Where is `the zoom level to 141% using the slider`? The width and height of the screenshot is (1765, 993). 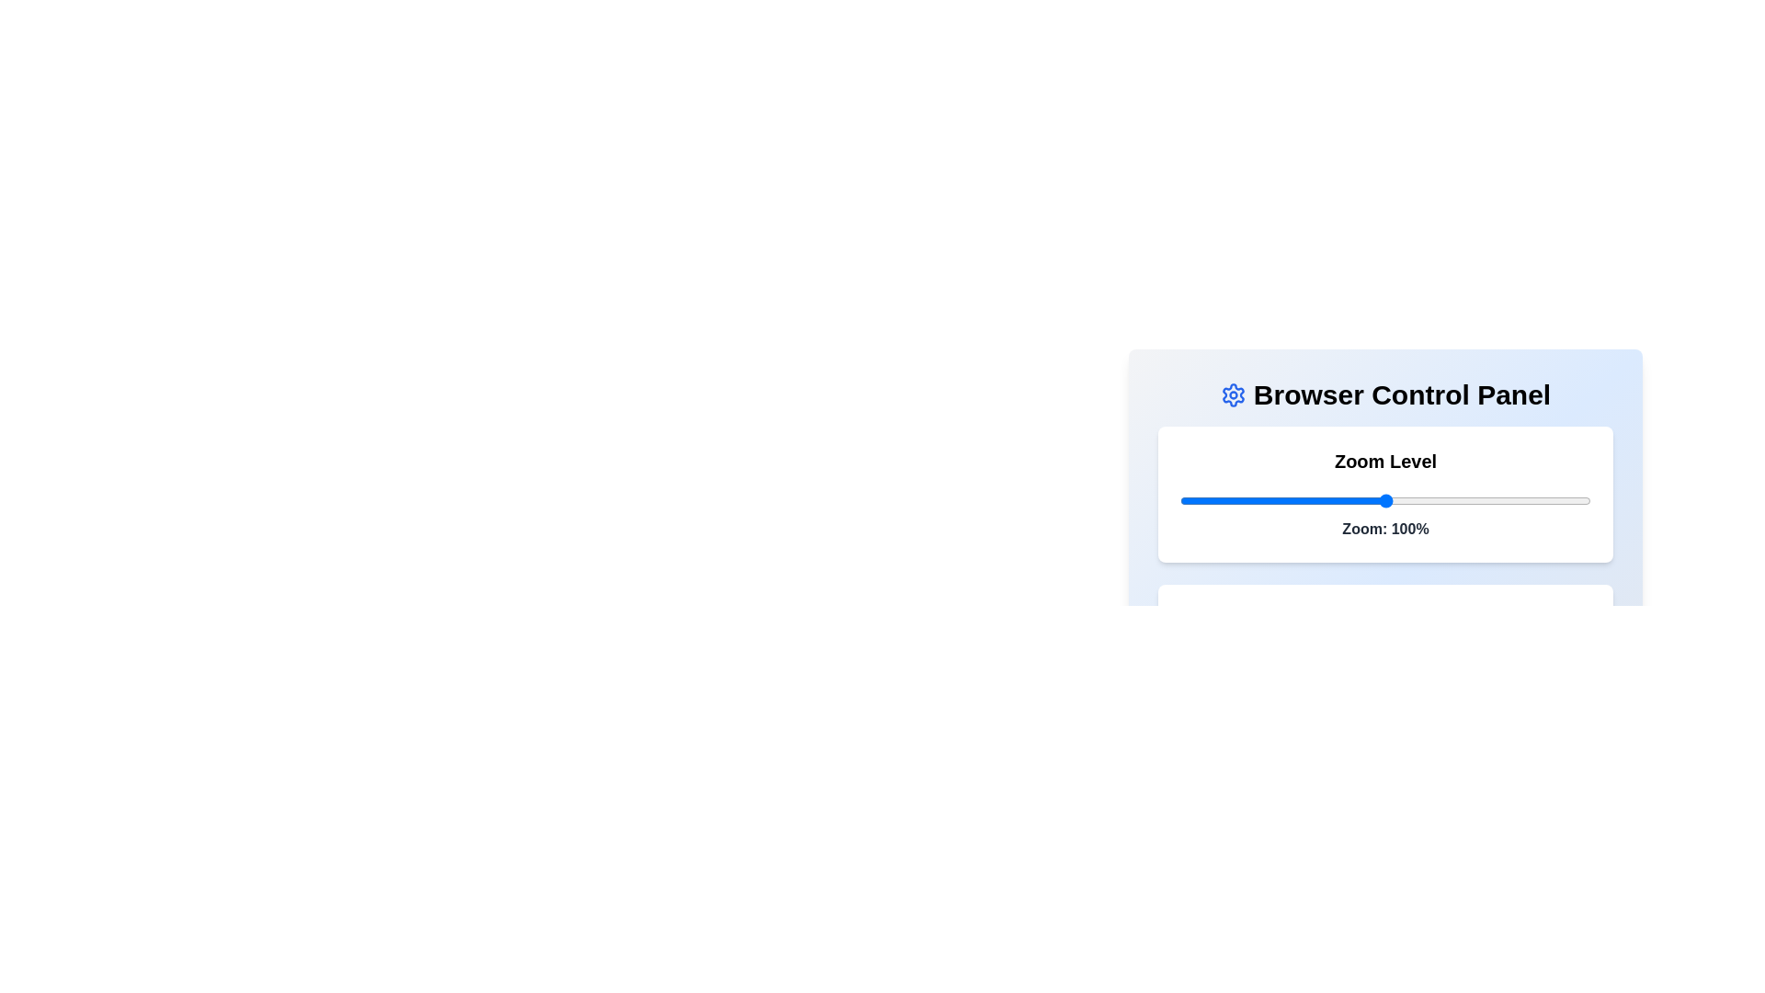 the zoom level to 141% using the slider is located at coordinates (1553, 500).